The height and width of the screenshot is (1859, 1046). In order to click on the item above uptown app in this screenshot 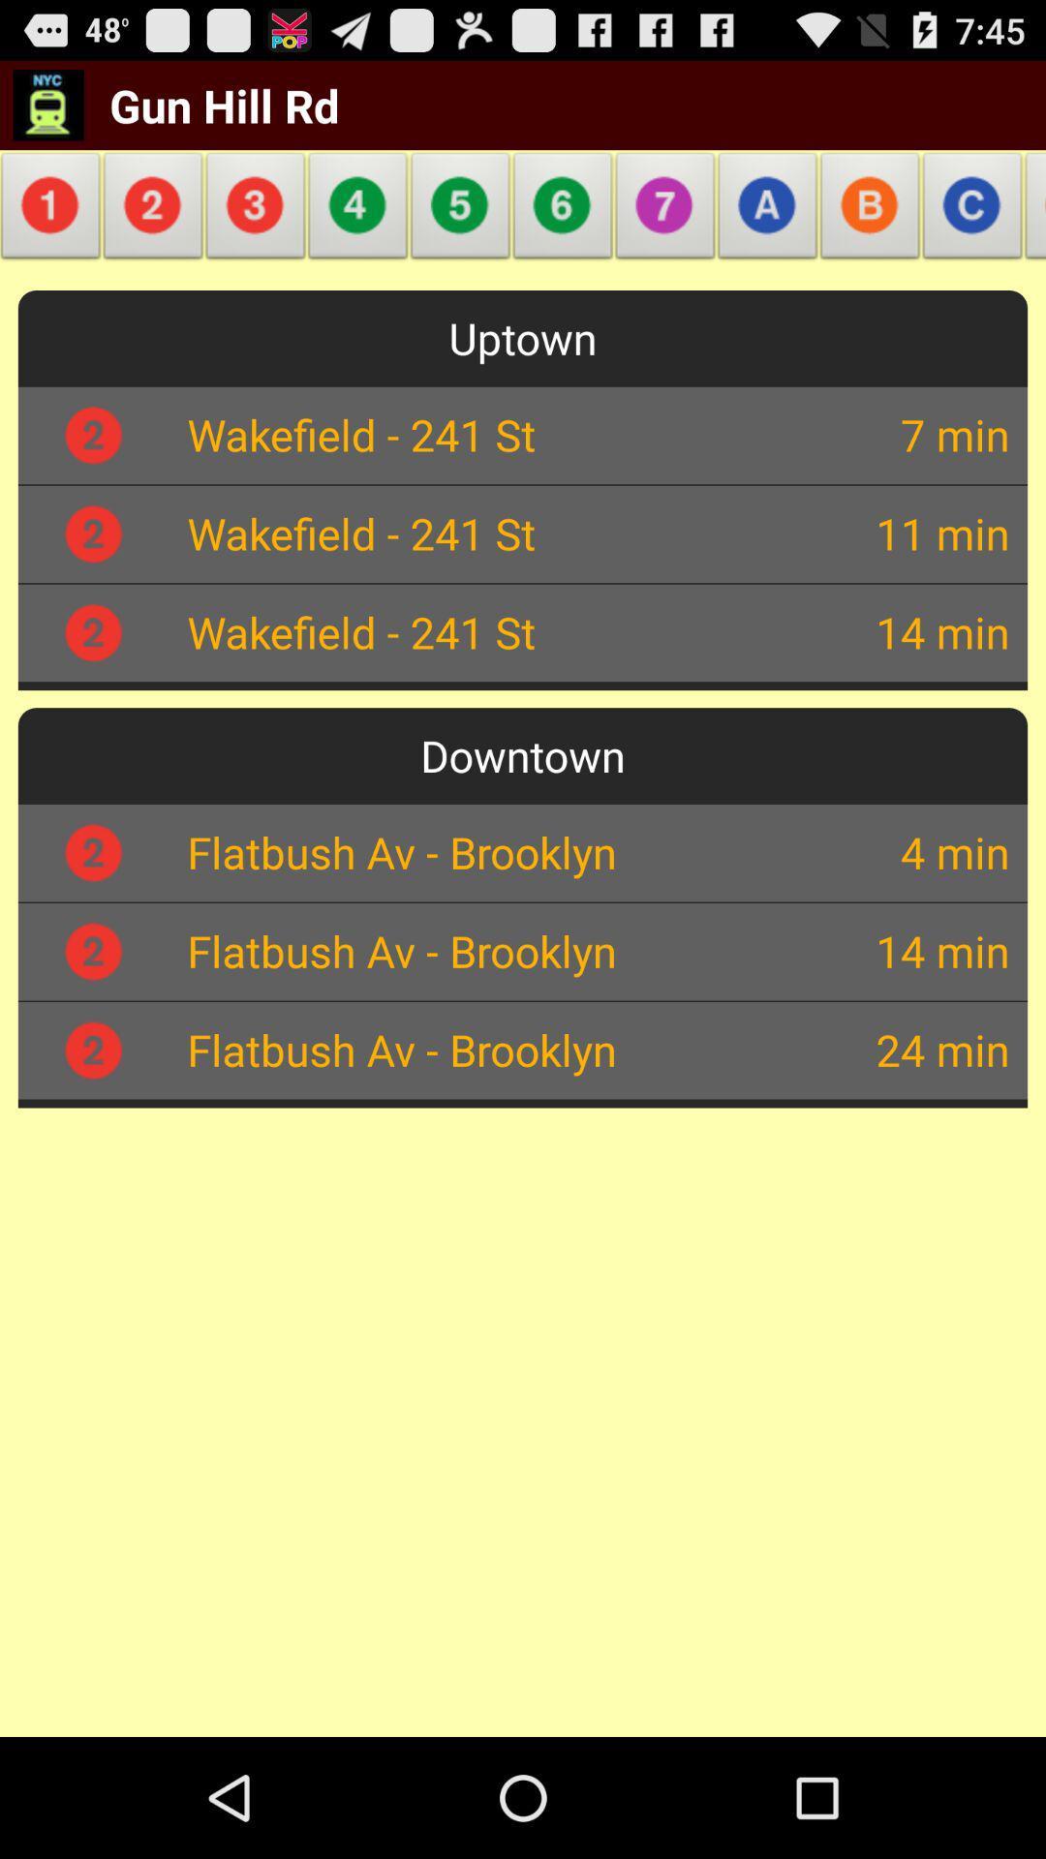, I will do `click(255, 211)`.